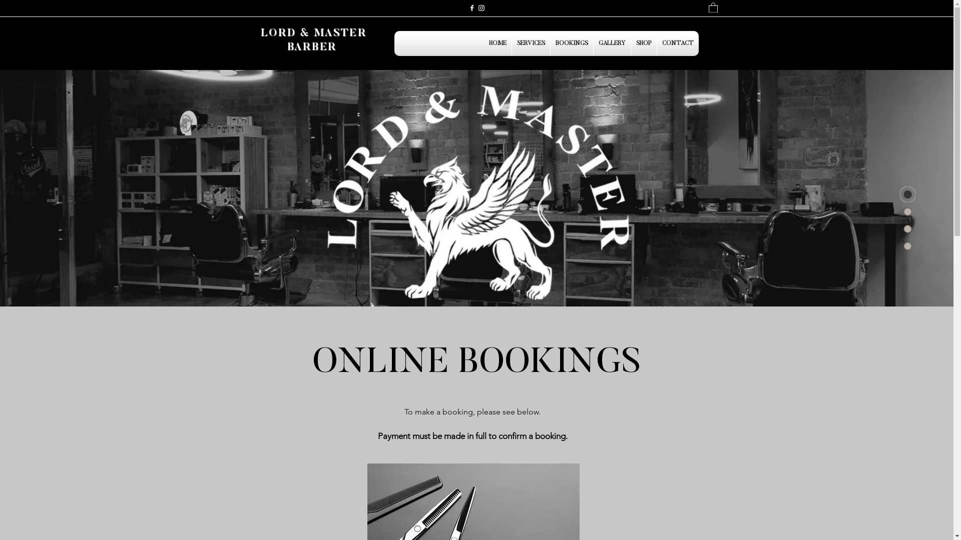  Describe the element at coordinates (261, 31) in the screenshot. I see `'LORD & MASTER'` at that location.